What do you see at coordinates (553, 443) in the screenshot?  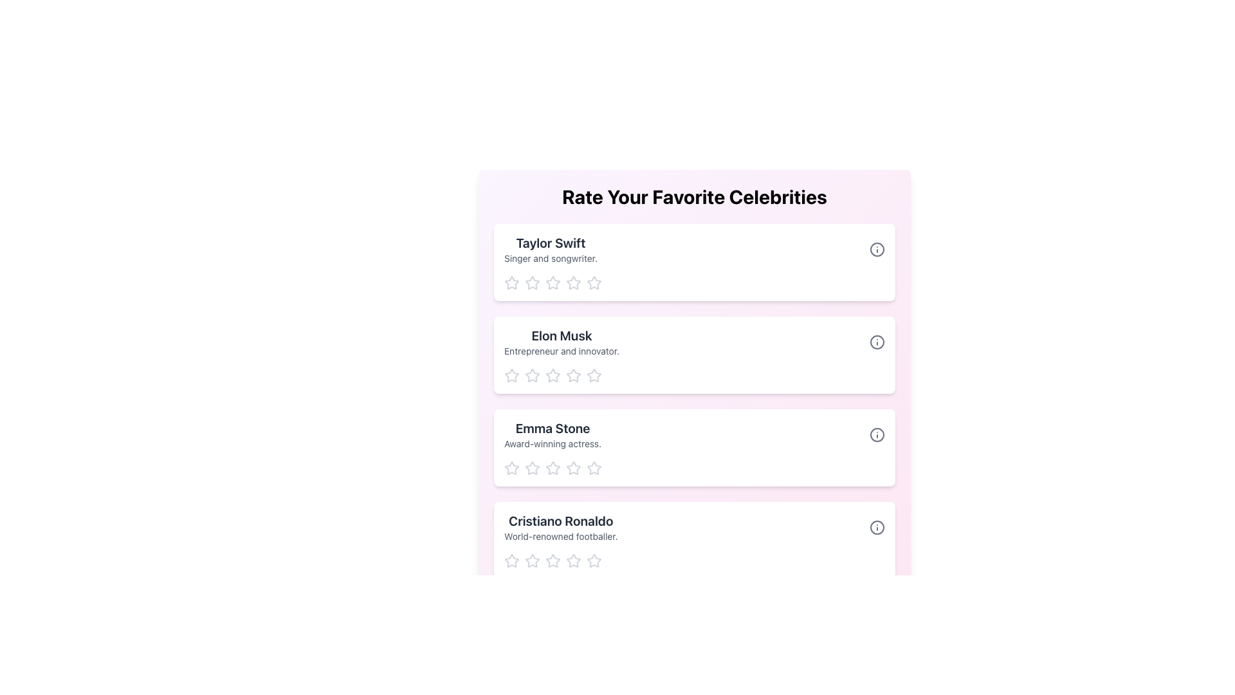 I see `the Text Label element that reads 'Award-winning actress,' which is styled in a smaller gray font and located directly below 'Emma Stone' within its card-like section` at bounding box center [553, 443].